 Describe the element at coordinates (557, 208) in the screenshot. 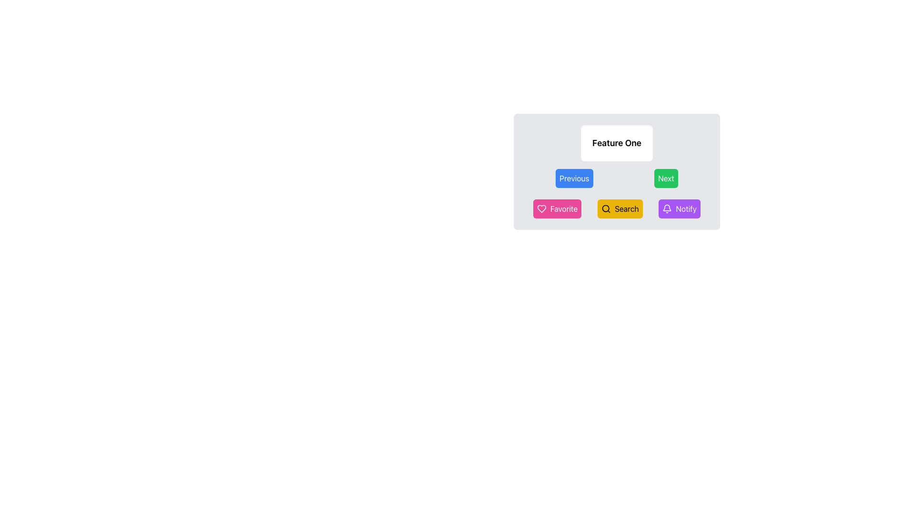

I see `the 'Favorite' button located on the left side of the three horizontal buttons under the 'Feature One' heading to mark the item as favorite` at that location.